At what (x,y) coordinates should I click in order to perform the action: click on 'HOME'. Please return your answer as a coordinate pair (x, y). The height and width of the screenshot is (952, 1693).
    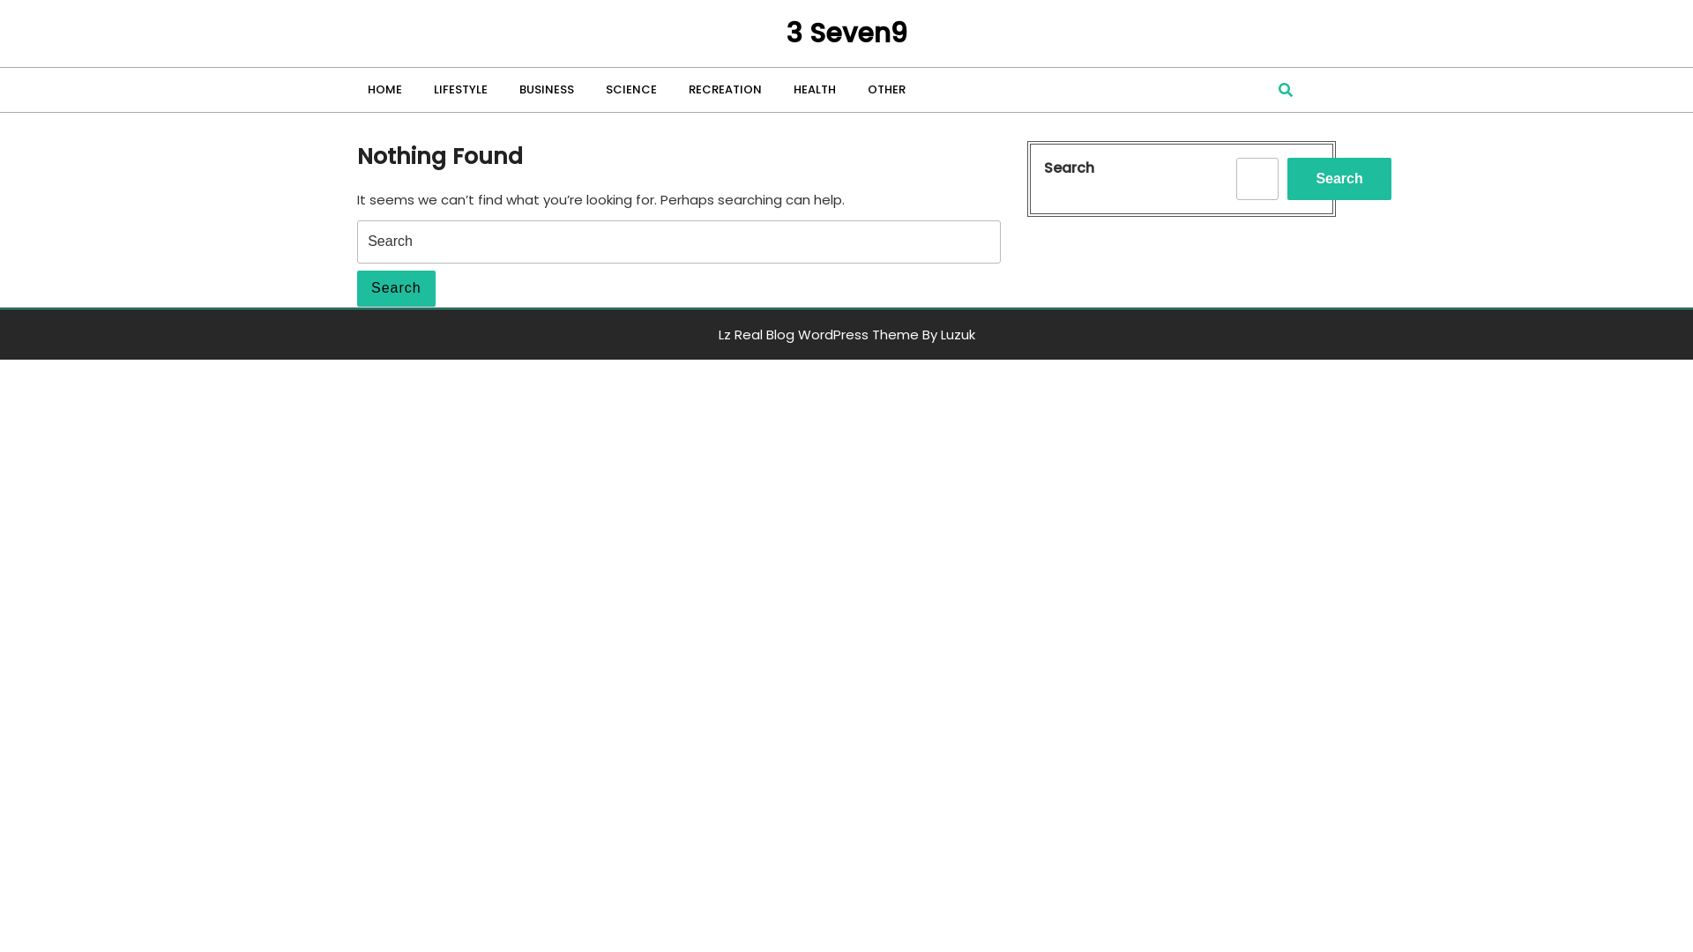
    Looking at the image, I should click on (387, 89).